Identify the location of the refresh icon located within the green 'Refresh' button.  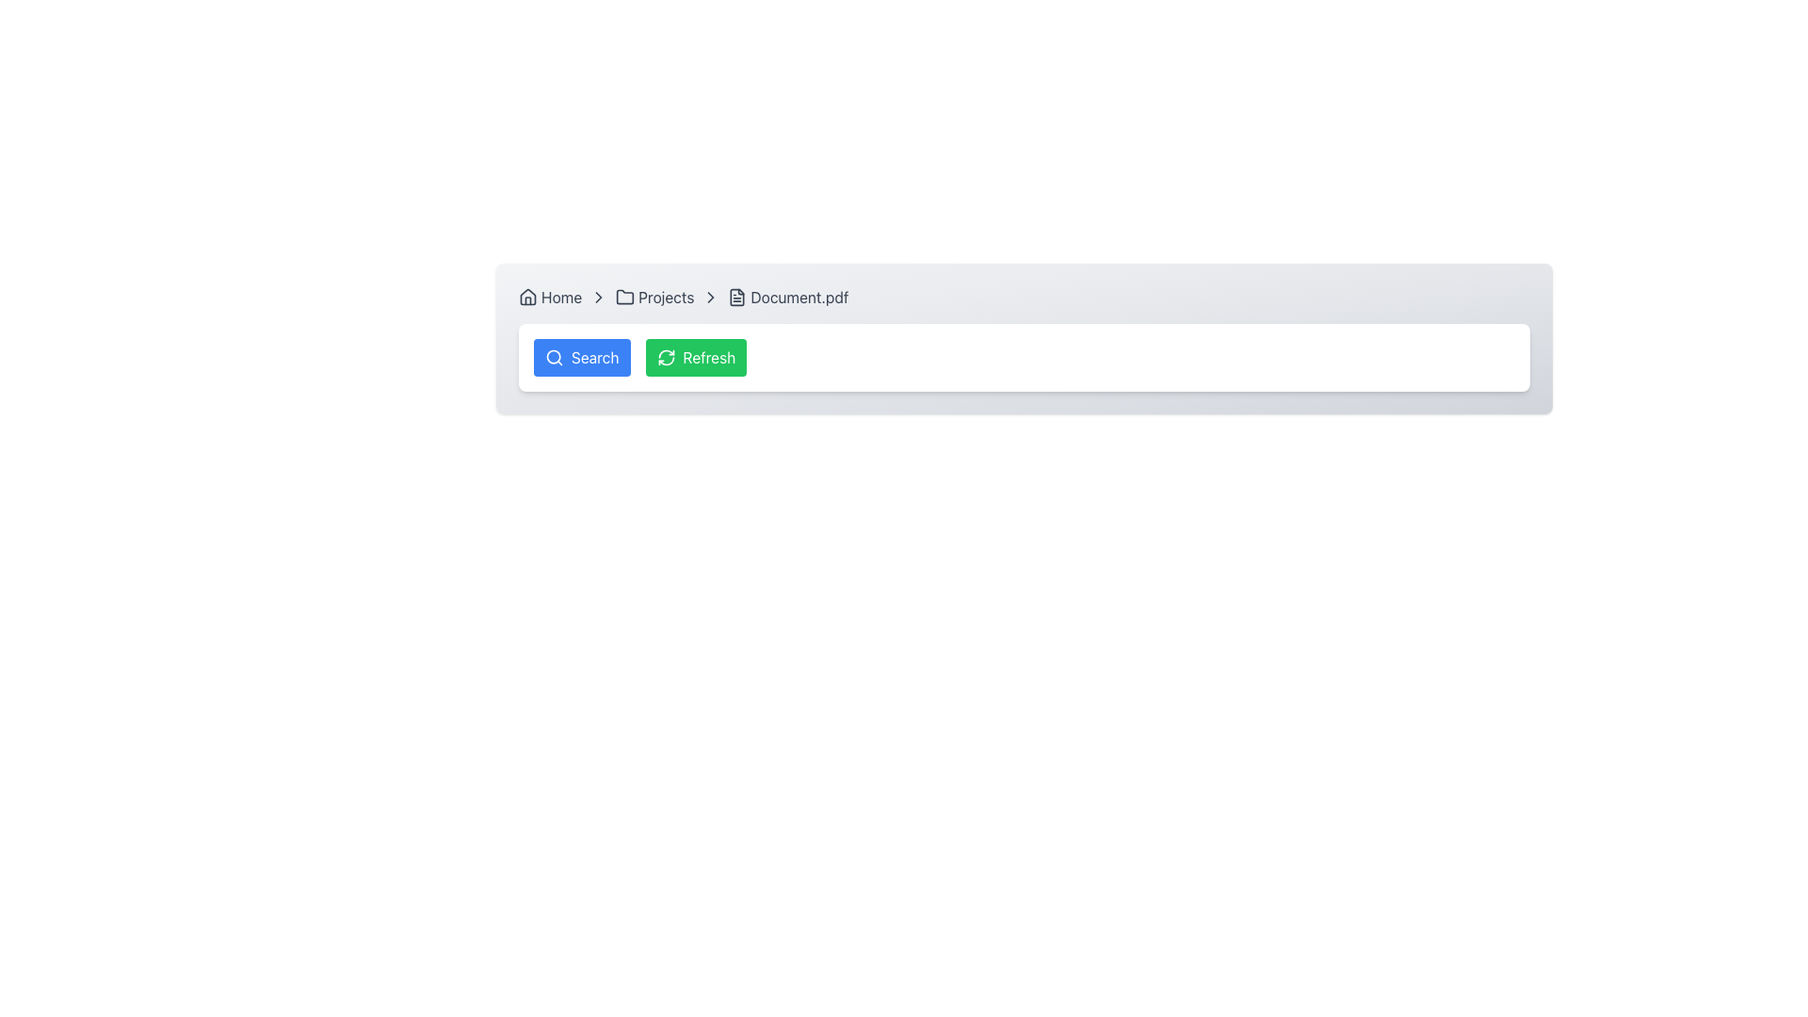
(665, 358).